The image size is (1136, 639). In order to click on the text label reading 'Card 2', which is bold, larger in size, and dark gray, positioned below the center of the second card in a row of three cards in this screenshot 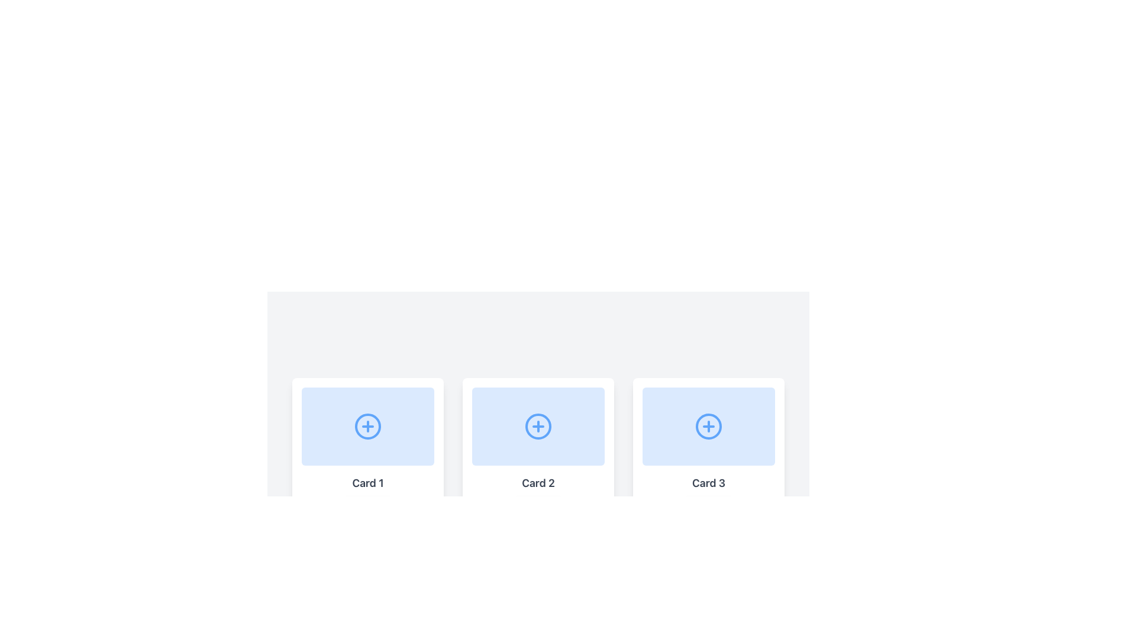, I will do `click(538, 483)`.